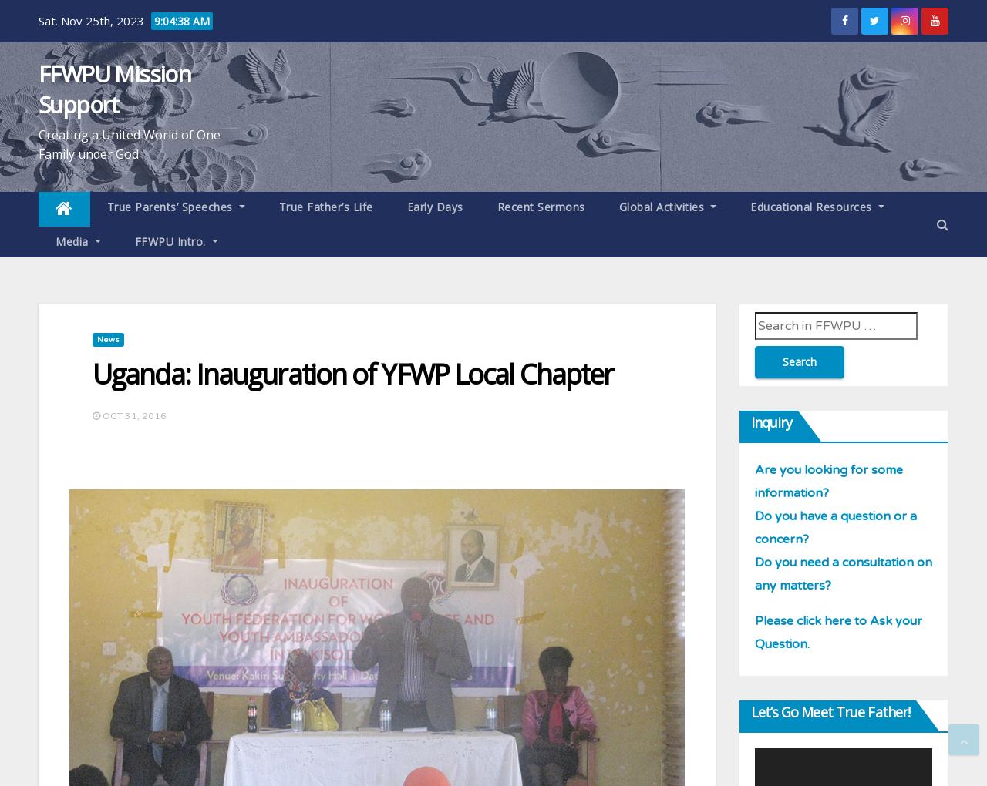 The height and width of the screenshot is (786, 987). What do you see at coordinates (72, 241) in the screenshot?
I see `'Media'` at bounding box center [72, 241].